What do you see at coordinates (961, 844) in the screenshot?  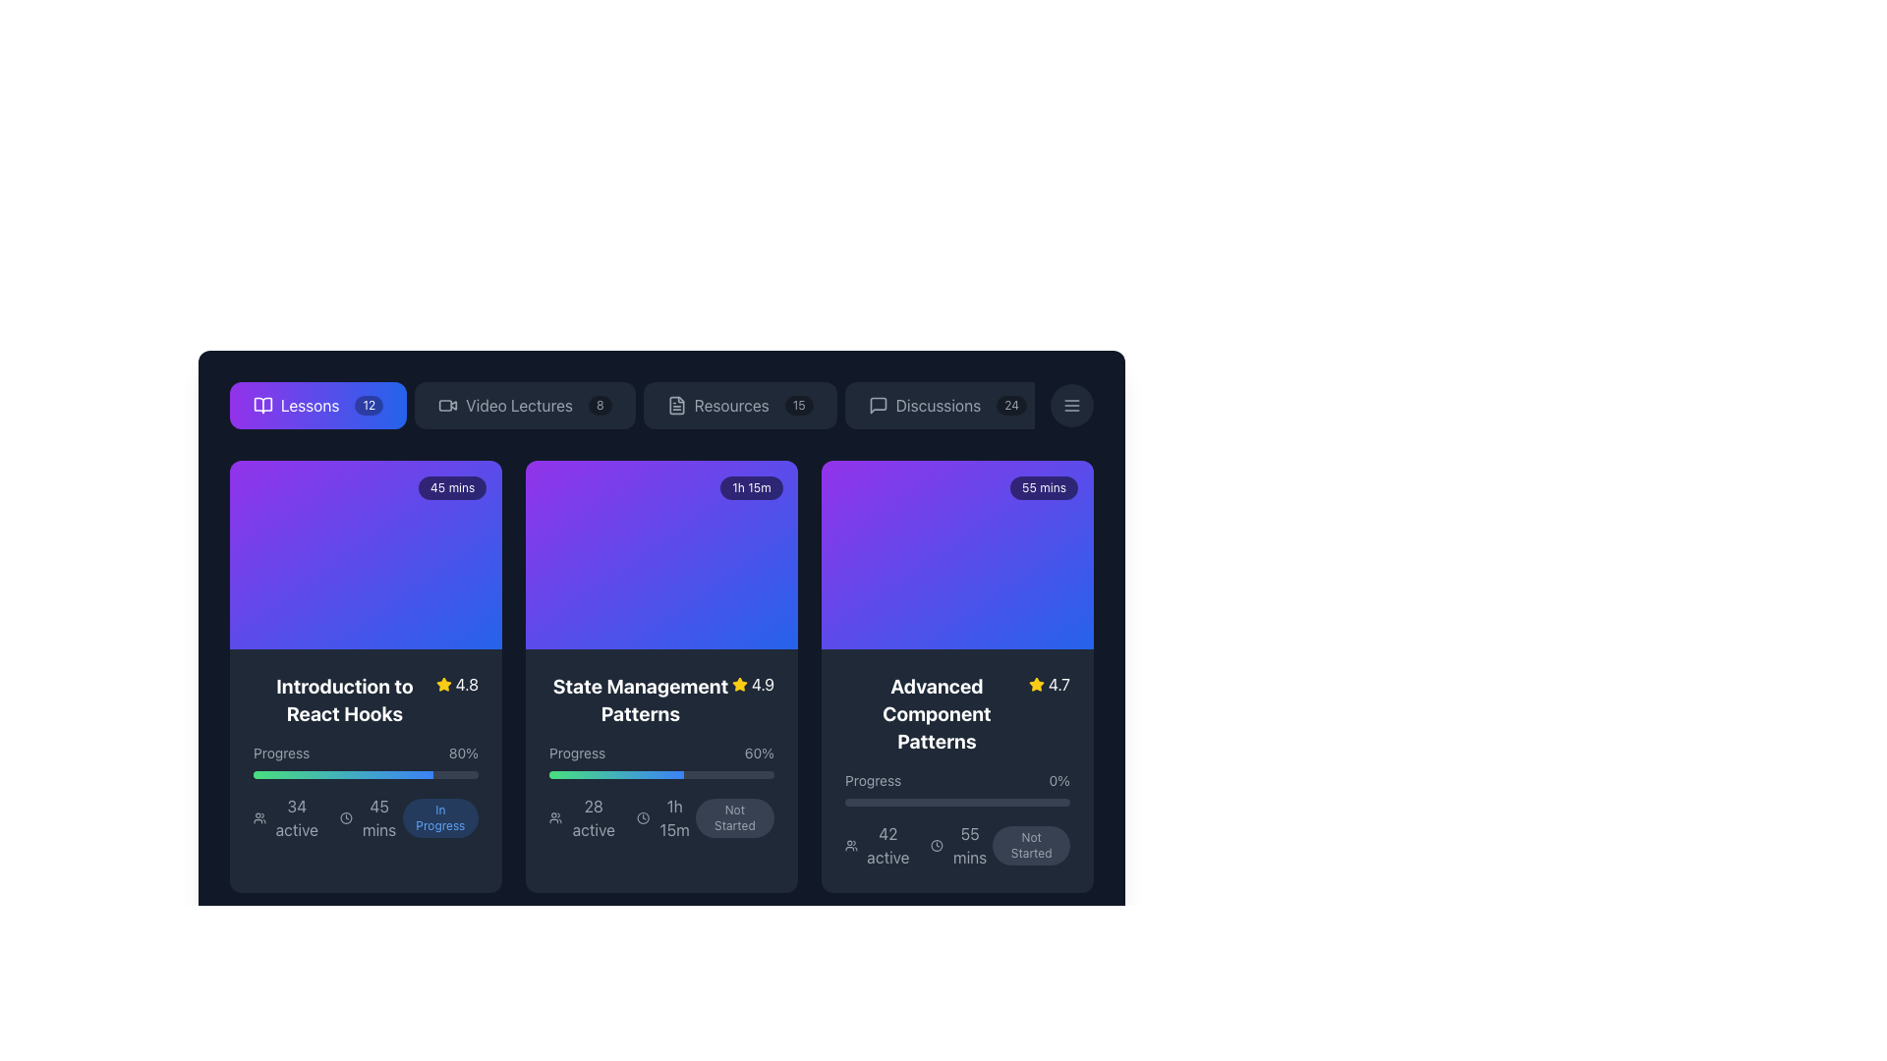 I see `the static text displaying the duration associated with the content on the third content card at the bottom section` at bounding box center [961, 844].